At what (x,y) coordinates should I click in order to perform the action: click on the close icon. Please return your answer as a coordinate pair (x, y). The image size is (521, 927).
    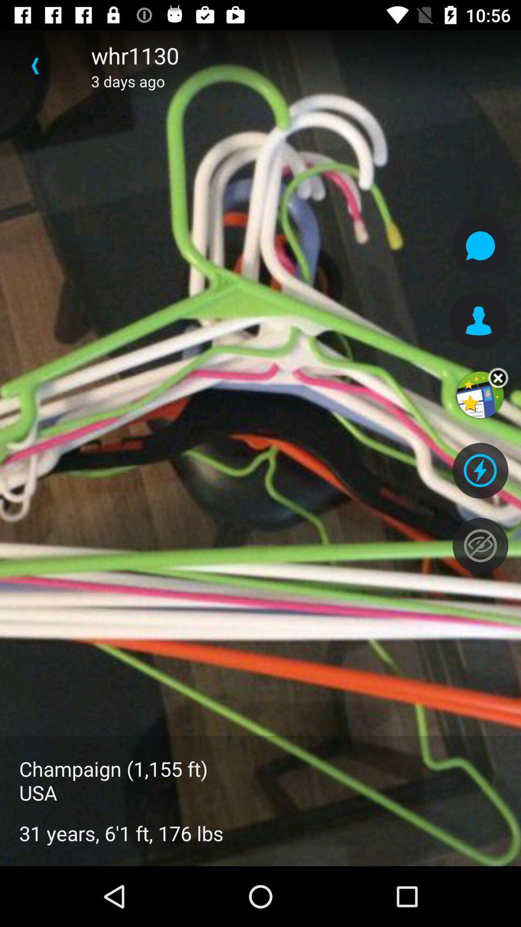
    Looking at the image, I should click on (498, 379).